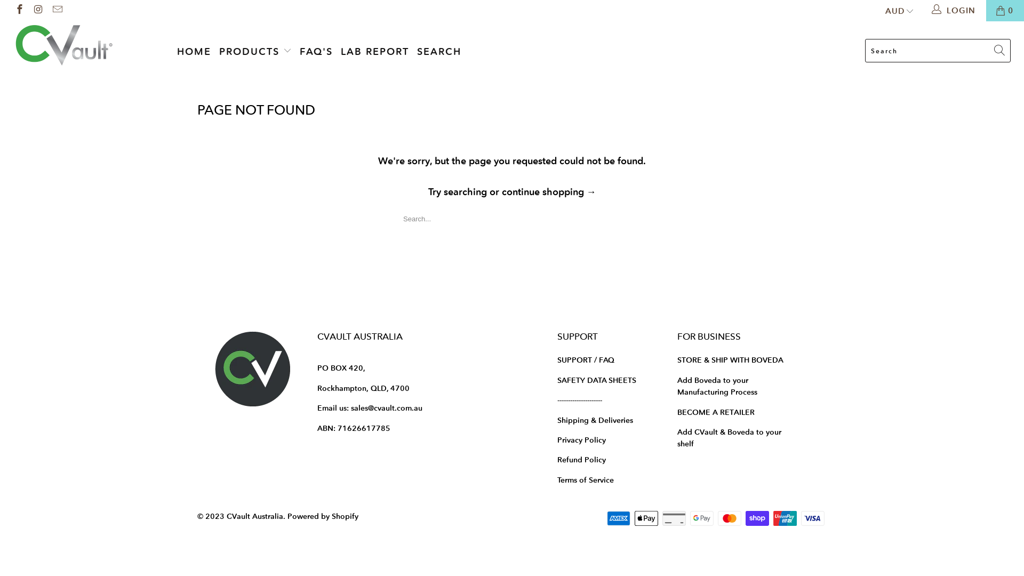  Describe the element at coordinates (557, 419) in the screenshot. I see `'Shipping & Deliveries'` at that location.